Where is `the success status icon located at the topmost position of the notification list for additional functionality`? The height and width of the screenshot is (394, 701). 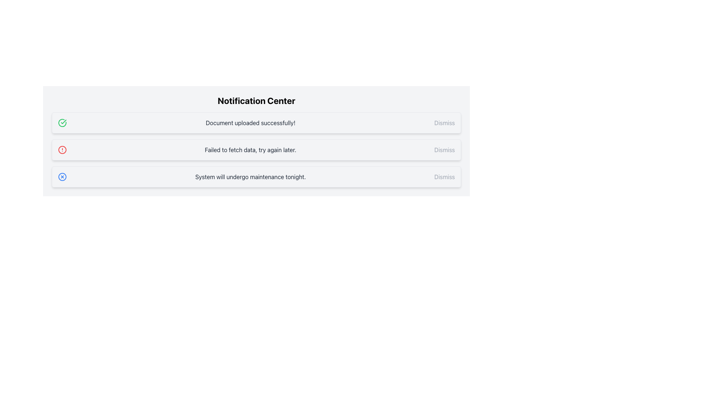 the success status icon located at the topmost position of the notification list for additional functionality is located at coordinates (64, 121).